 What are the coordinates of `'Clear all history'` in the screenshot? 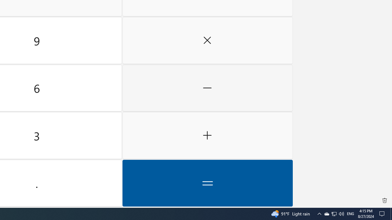 It's located at (384, 200).